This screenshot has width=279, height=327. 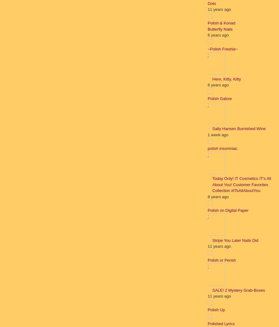 I want to click on 'Polish or Perish', so click(x=221, y=260).